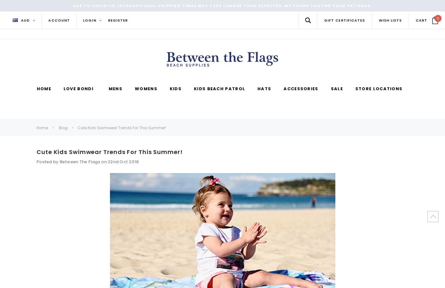  What do you see at coordinates (336, 88) in the screenshot?
I see `'Sale'` at bounding box center [336, 88].